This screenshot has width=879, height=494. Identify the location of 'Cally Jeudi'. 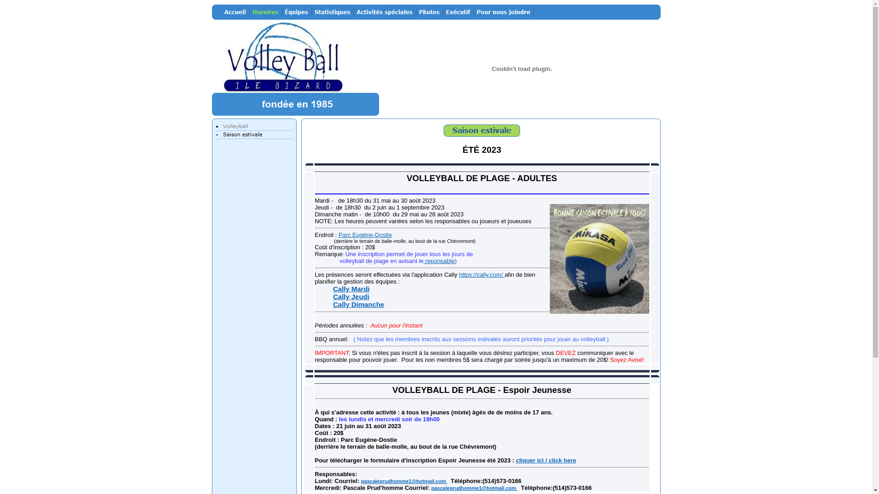
(351, 296).